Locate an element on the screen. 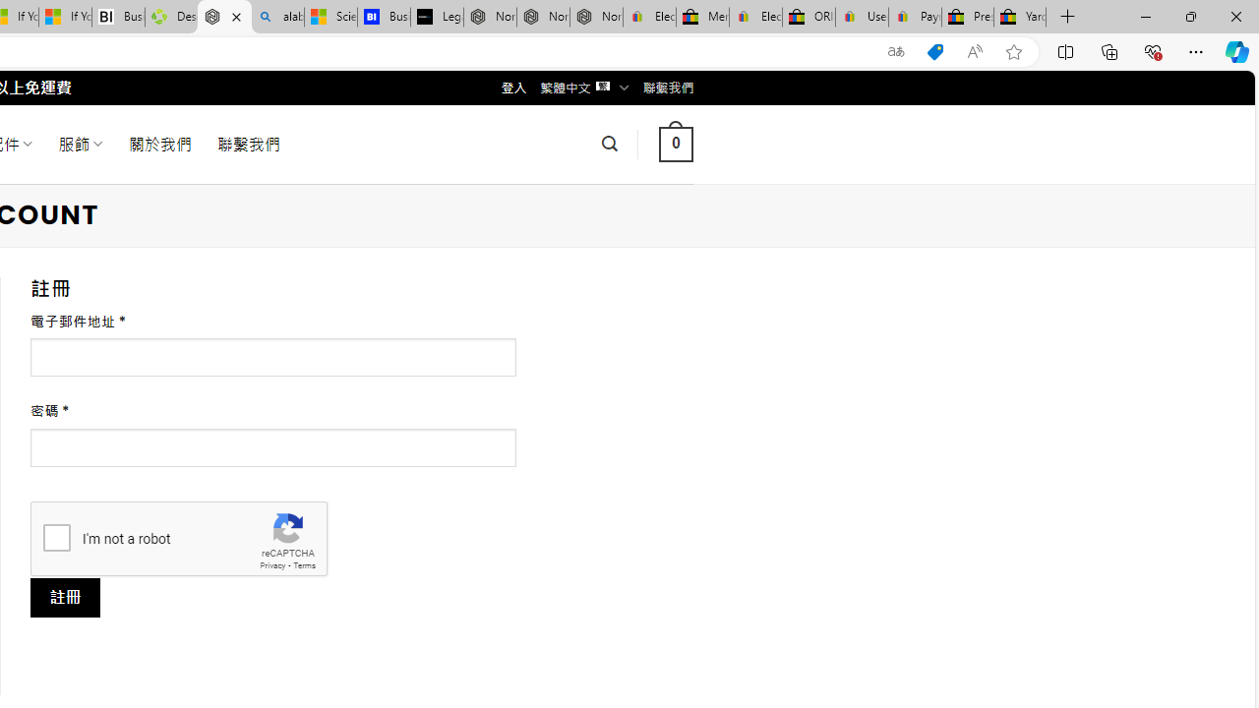 Image resolution: width=1259 pixels, height=708 pixels. ' 0 ' is located at coordinates (676, 143).